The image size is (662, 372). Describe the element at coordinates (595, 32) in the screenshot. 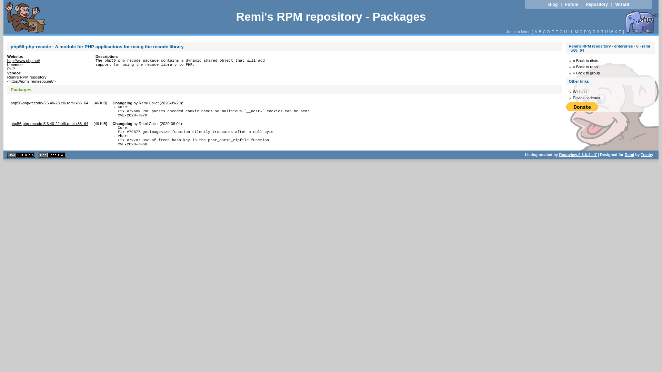

I see `'S'` at that location.